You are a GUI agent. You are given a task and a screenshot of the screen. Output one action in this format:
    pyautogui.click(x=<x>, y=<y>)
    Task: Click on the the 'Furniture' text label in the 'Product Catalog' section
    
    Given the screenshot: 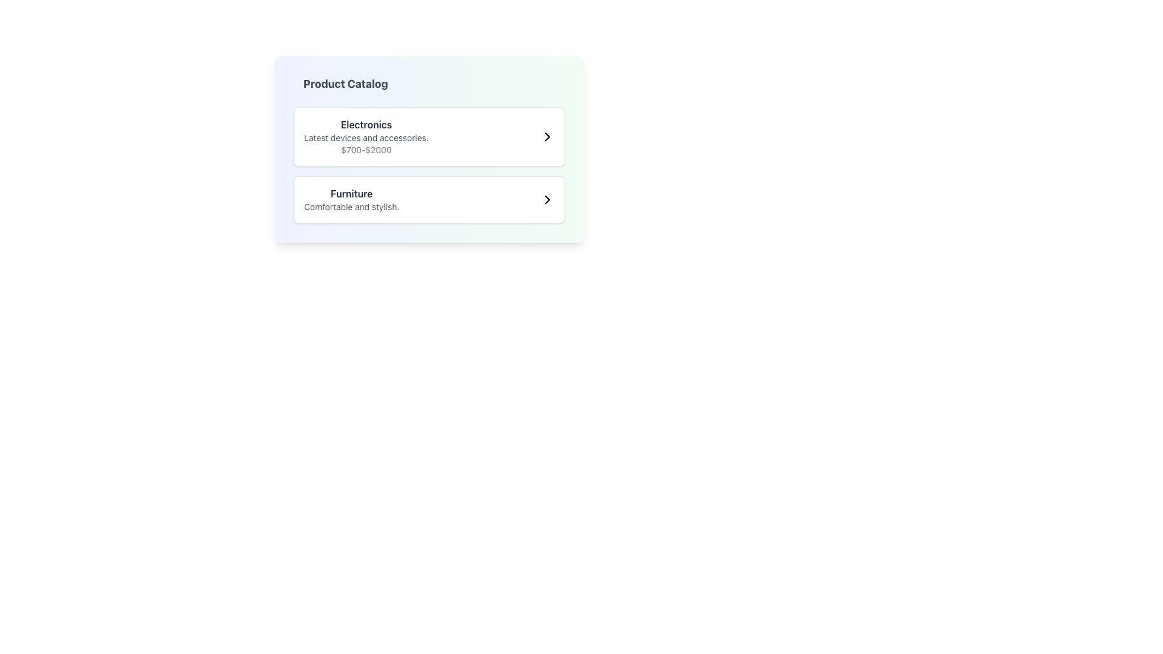 What is the action you would take?
    pyautogui.click(x=351, y=199)
    